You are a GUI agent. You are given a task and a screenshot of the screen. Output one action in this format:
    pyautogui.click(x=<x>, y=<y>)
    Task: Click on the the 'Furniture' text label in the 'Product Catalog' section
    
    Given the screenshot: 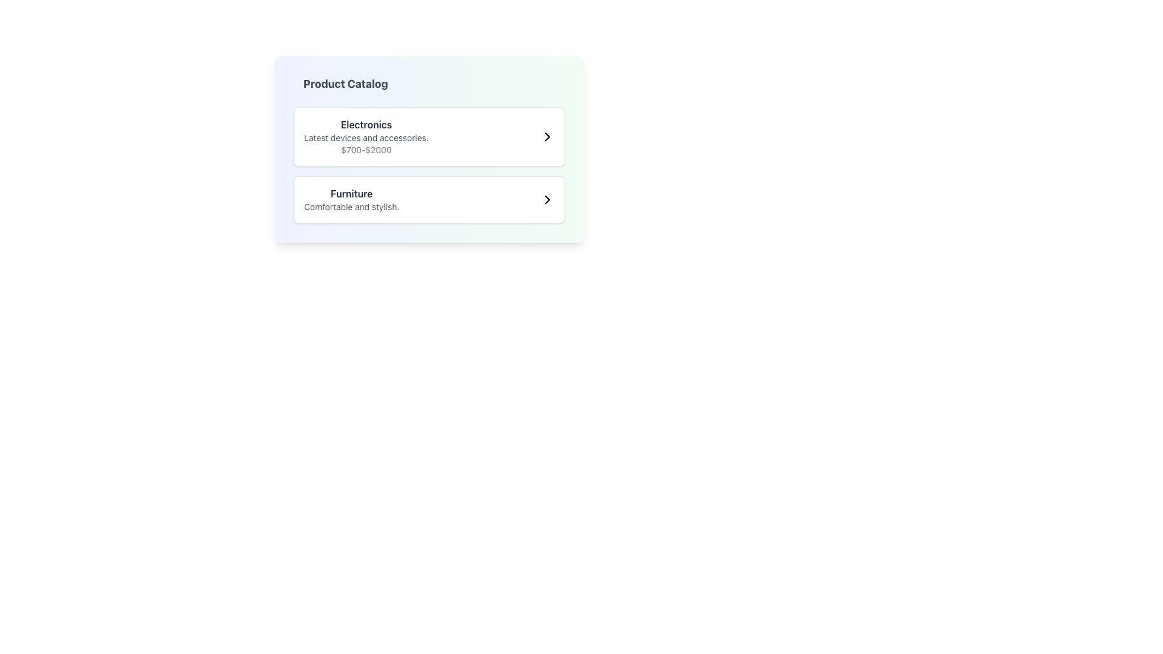 What is the action you would take?
    pyautogui.click(x=351, y=199)
    